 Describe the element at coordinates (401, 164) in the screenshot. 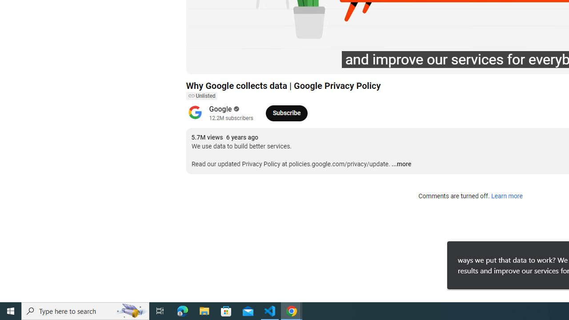

I see `'...more'` at that location.